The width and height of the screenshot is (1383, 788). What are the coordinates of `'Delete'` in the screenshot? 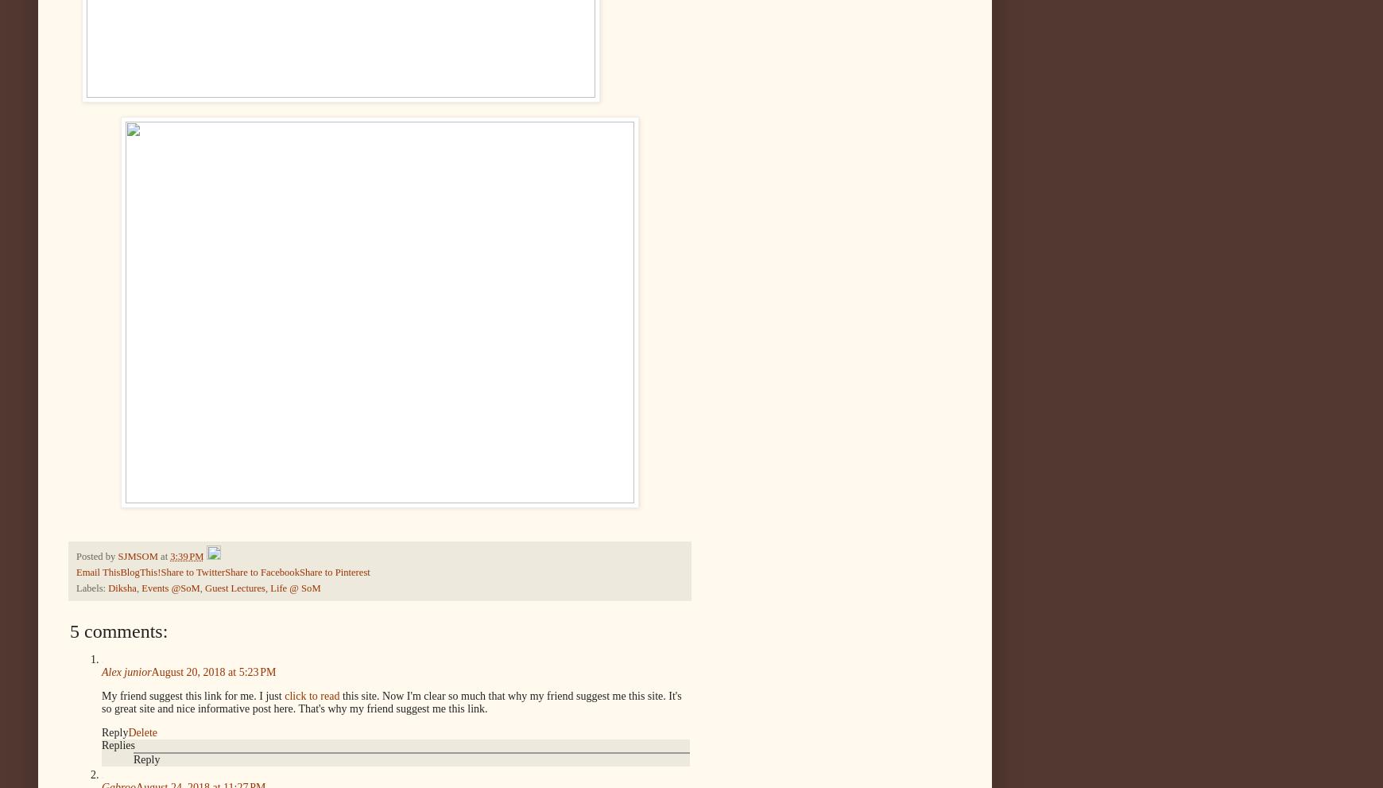 It's located at (141, 731).